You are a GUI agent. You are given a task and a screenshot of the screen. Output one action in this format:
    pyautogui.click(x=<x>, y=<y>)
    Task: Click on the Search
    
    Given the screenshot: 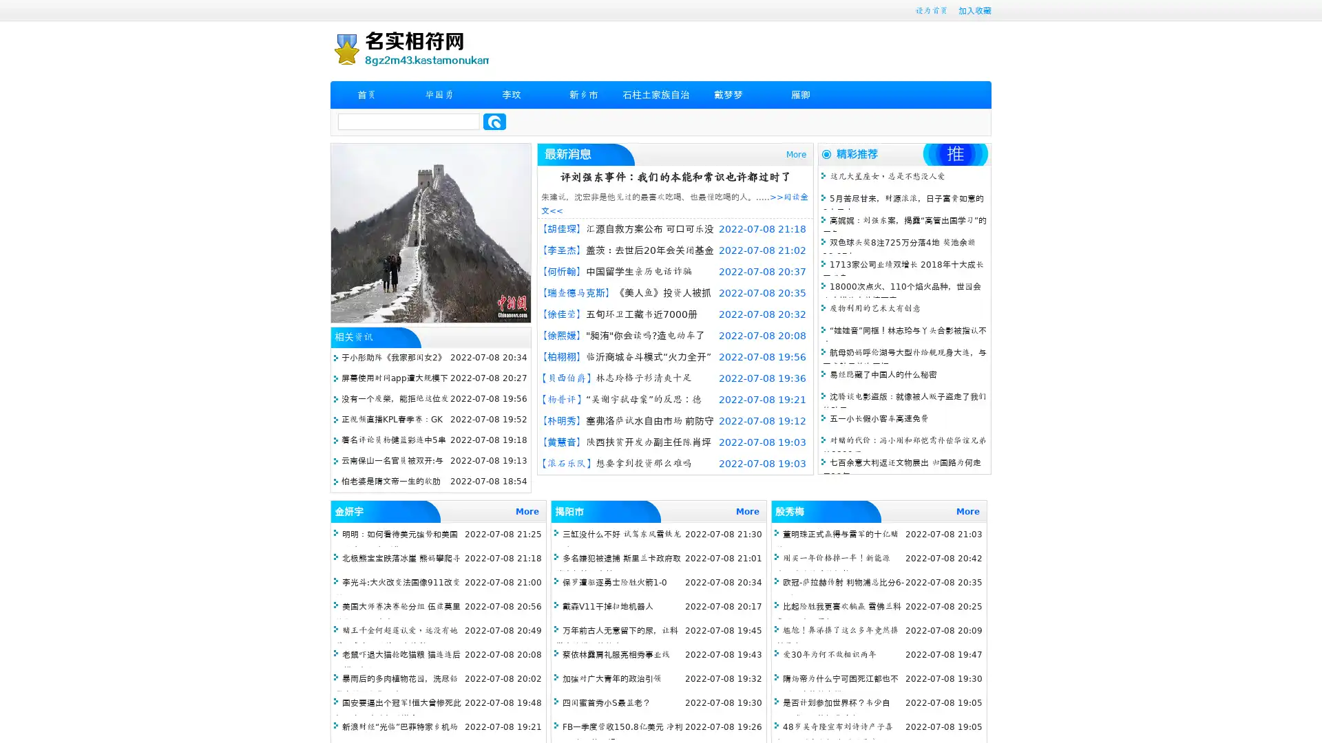 What is the action you would take?
    pyautogui.click(x=494, y=121)
    